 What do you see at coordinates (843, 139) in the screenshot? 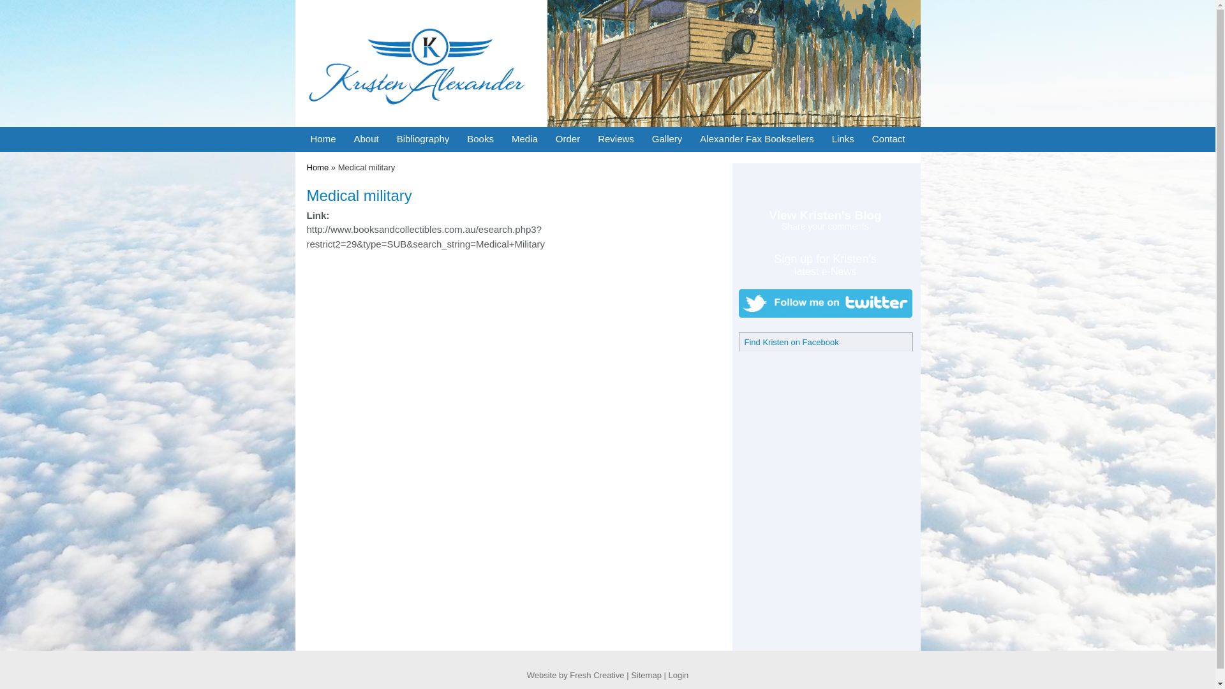
I see `'Links'` at bounding box center [843, 139].